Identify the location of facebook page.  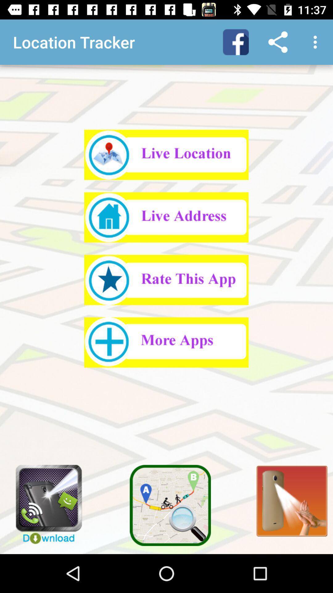
(236, 42).